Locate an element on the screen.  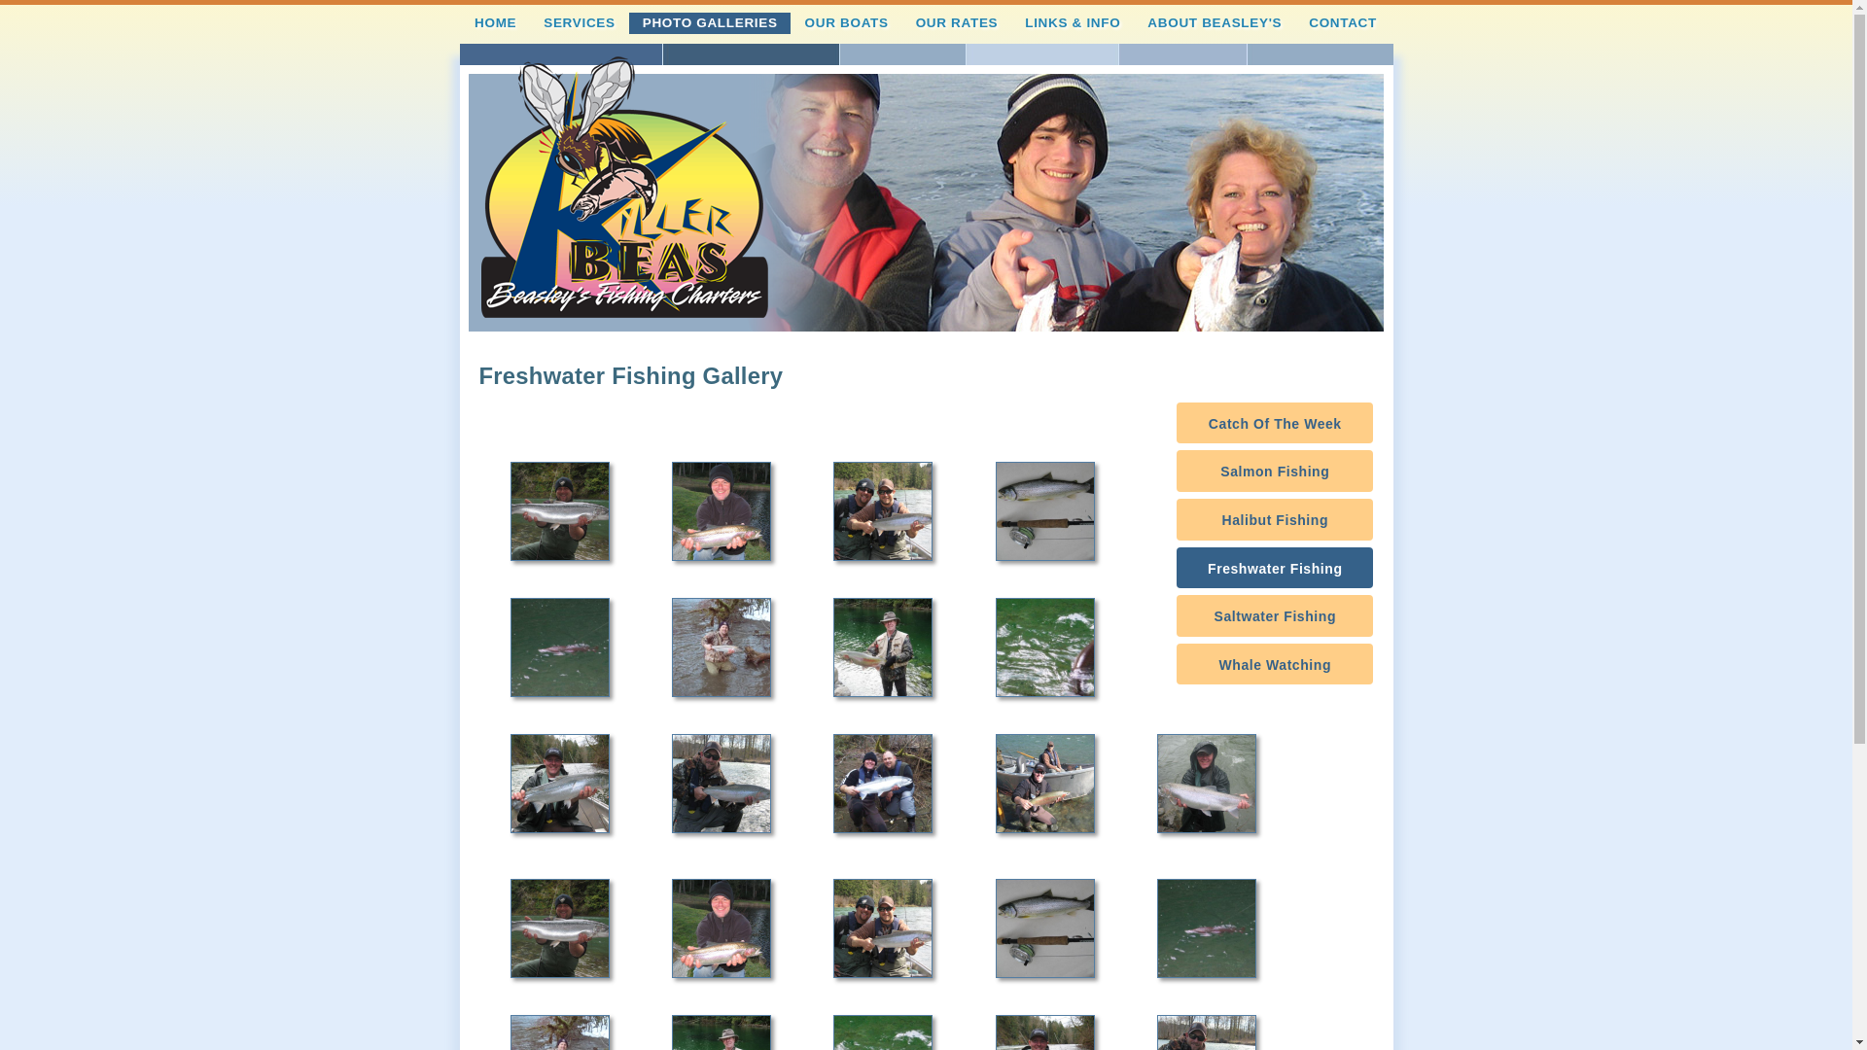
'SERVICES' is located at coordinates (578, 22).